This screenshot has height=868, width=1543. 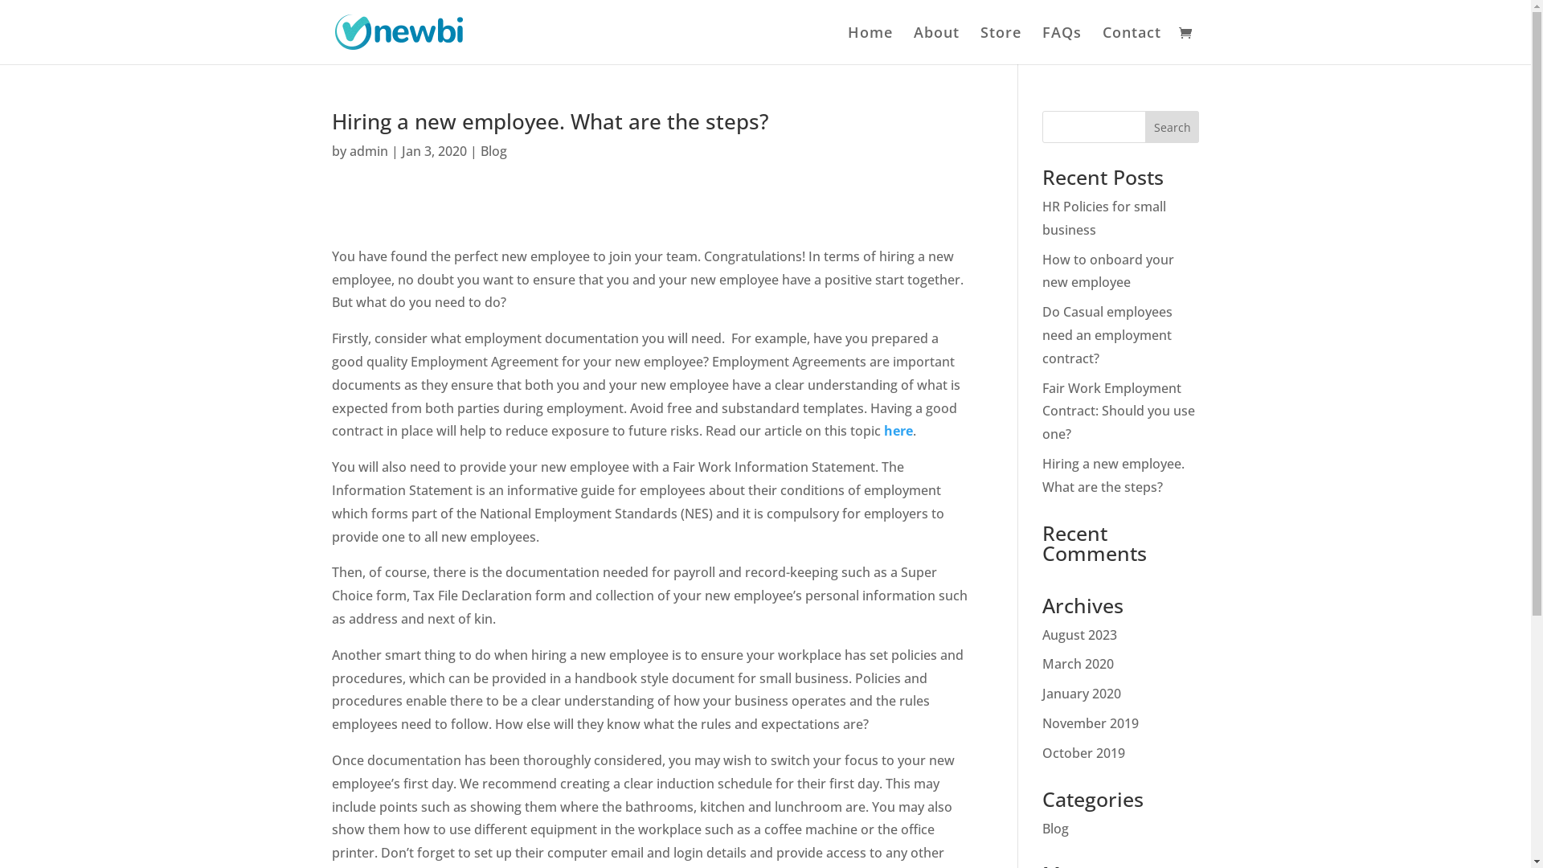 What do you see at coordinates (868, 44) in the screenshot?
I see `'Home'` at bounding box center [868, 44].